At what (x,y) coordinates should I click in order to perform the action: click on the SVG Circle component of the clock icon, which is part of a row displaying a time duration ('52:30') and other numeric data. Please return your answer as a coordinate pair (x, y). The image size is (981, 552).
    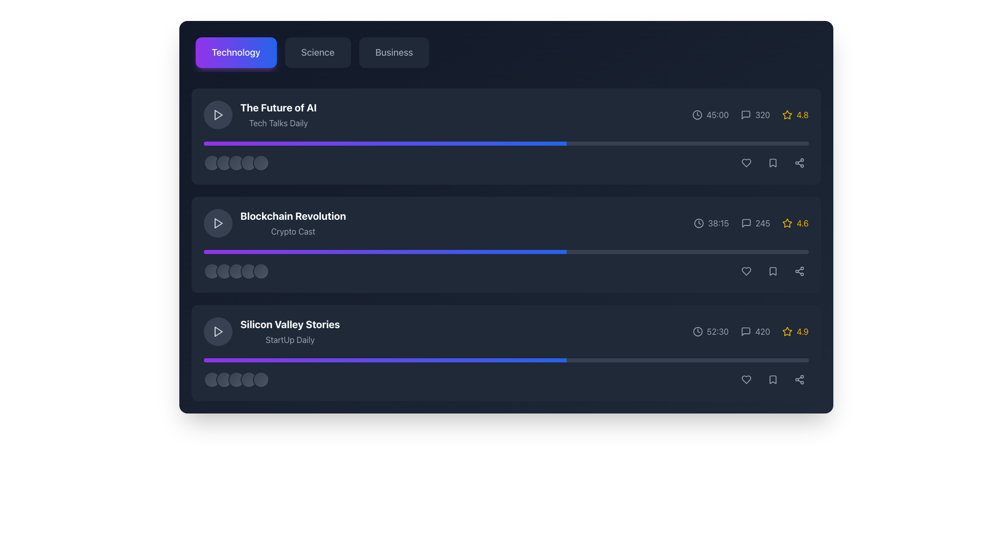
    Looking at the image, I should click on (697, 331).